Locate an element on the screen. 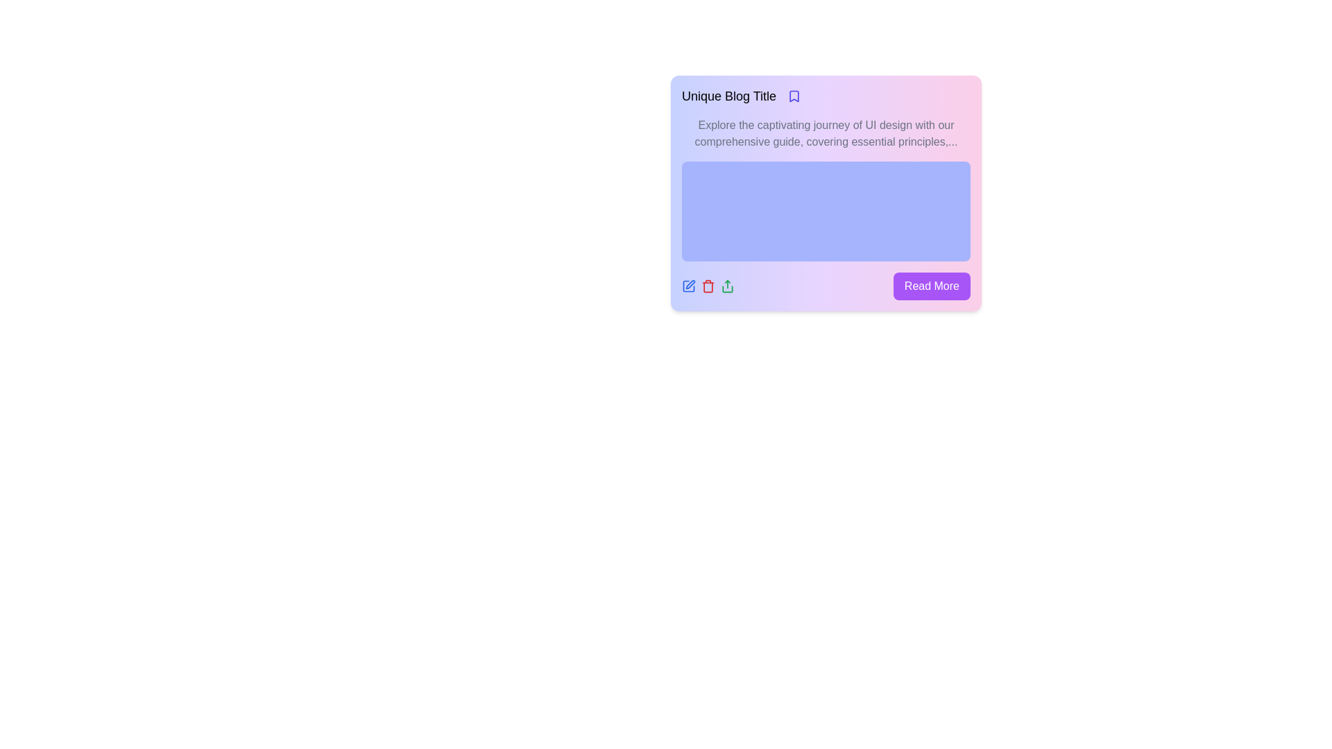  the green share SVG icon located at the bottom-left corner of the card interface is located at coordinates (727, 285).